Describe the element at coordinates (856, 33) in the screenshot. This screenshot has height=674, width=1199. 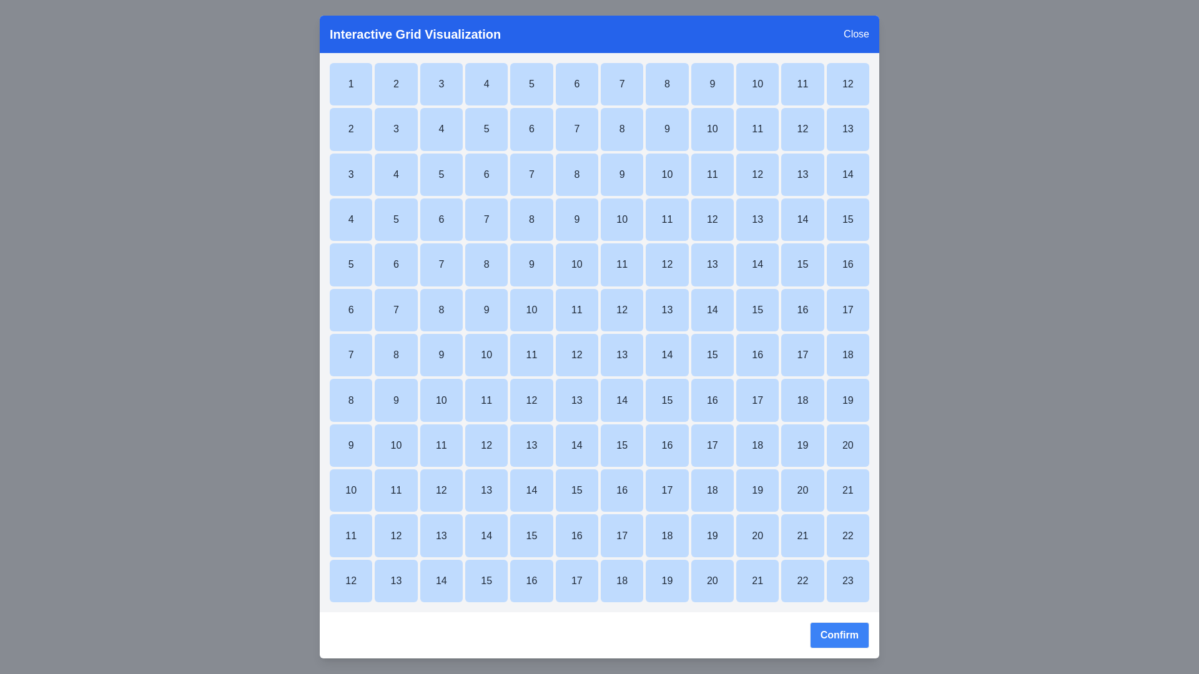
I see `close button to dismiss the dialog` at that location.